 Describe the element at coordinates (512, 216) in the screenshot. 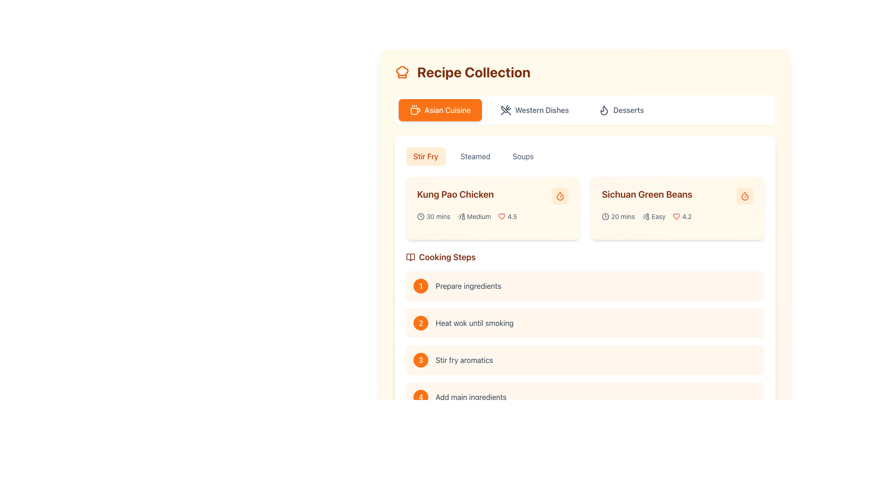

I see `the rating value text label displaying '4.5' for the 'Kung Pao Chicken' recipe, which is located in the top right corner of the recipe card` at that location.